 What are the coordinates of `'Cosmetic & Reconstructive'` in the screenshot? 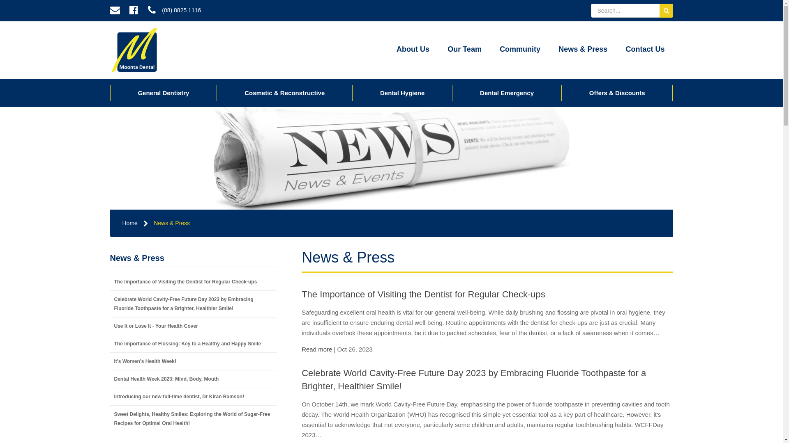 It's located at (284, 92).